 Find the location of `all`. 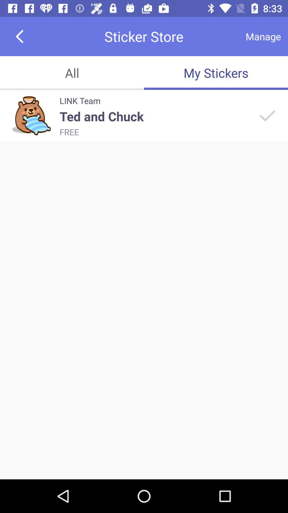

all is located at coordinates (72, 73).